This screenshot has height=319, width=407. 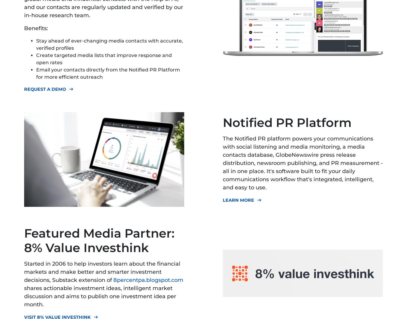 What do you see at coordinates (287, 122) in the screenshot?
I see `'Notified PR Platform'` at bounding box center [287, 122].